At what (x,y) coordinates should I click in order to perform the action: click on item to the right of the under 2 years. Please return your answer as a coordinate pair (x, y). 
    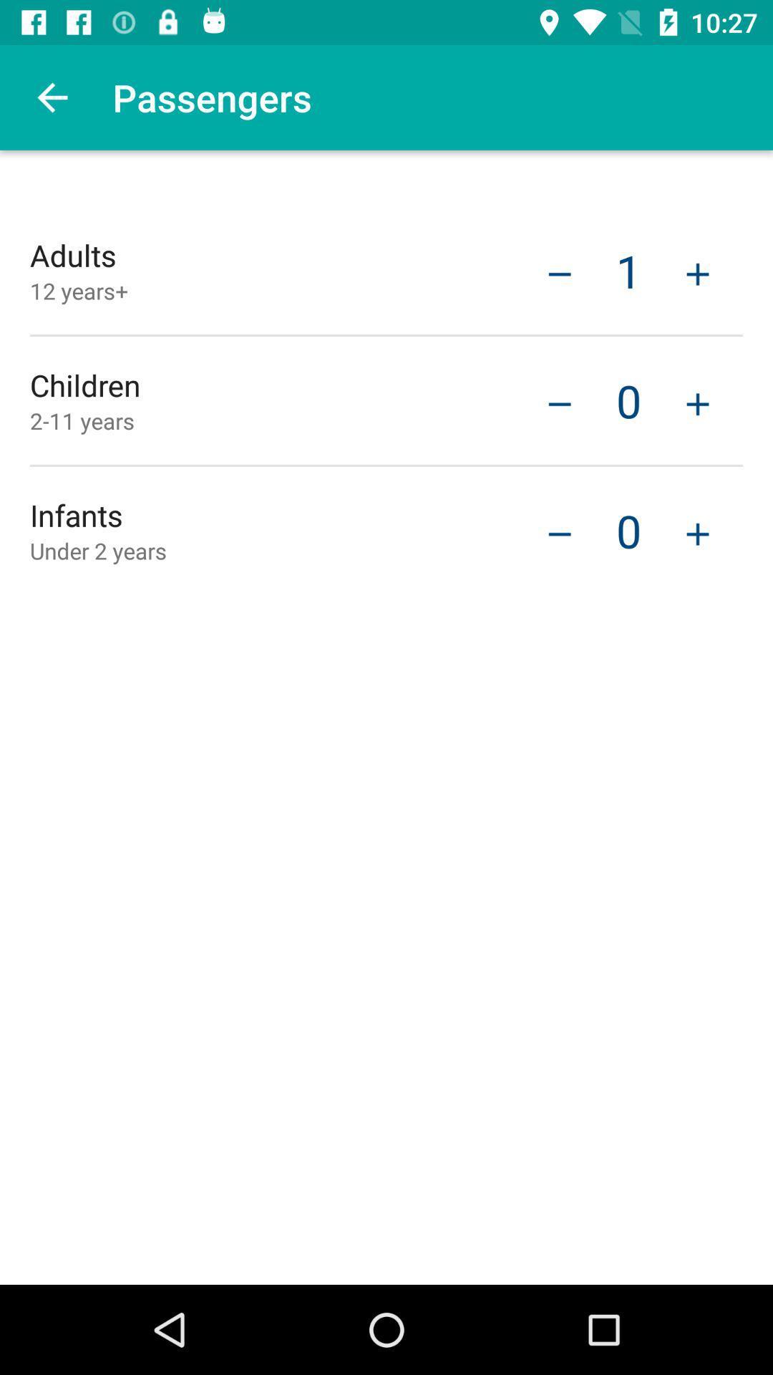
    Looking at the image, I should click on (559, 531).